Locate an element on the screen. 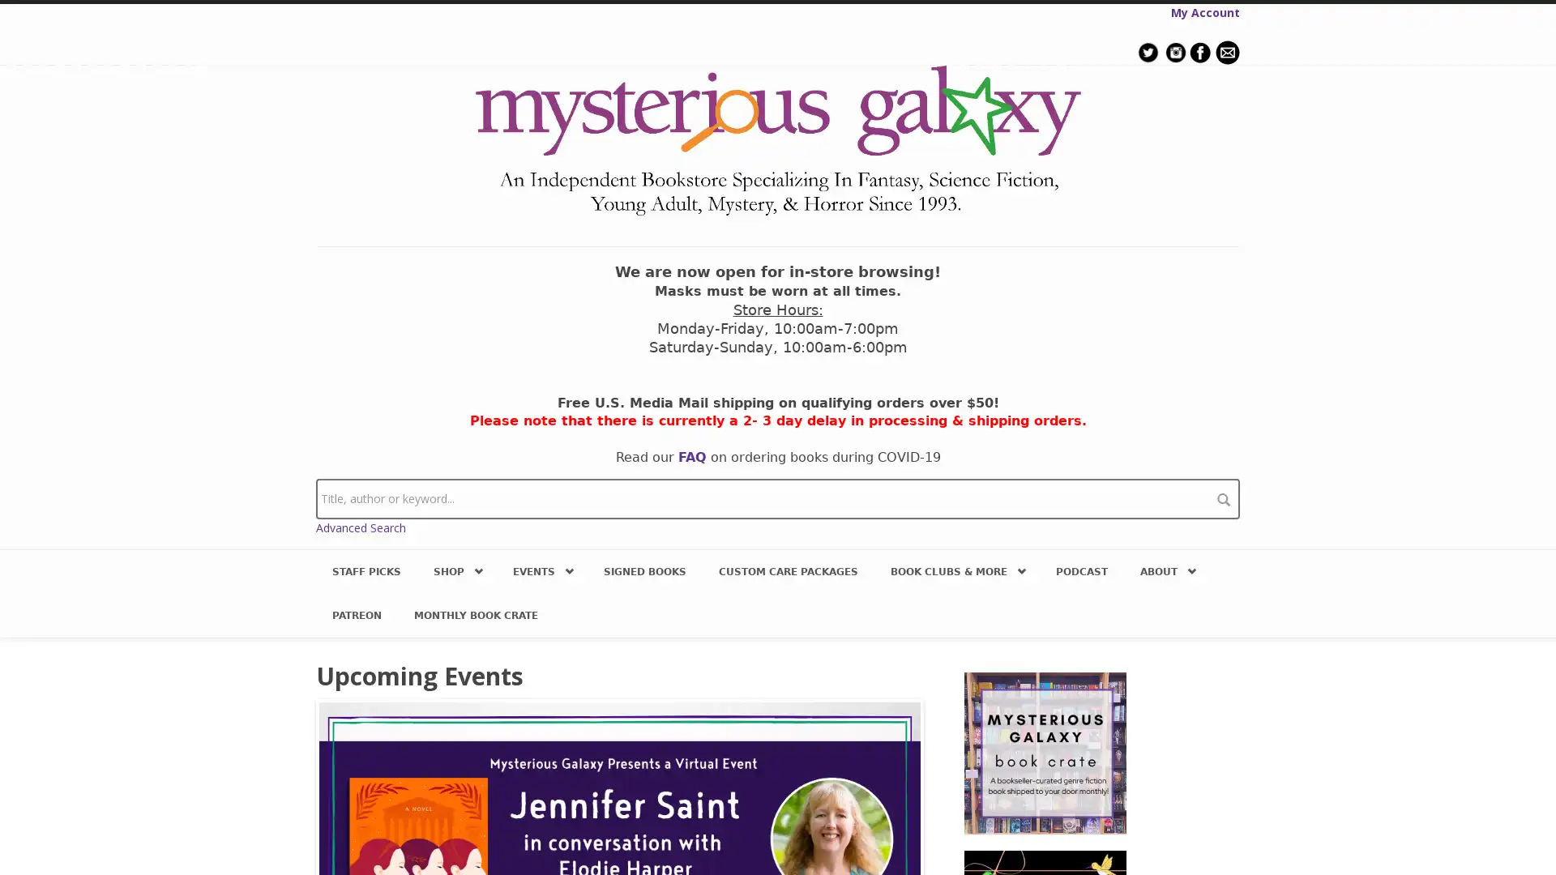 This screenshot has height=875, width=1556. search is located at coordinates (1224, 498).